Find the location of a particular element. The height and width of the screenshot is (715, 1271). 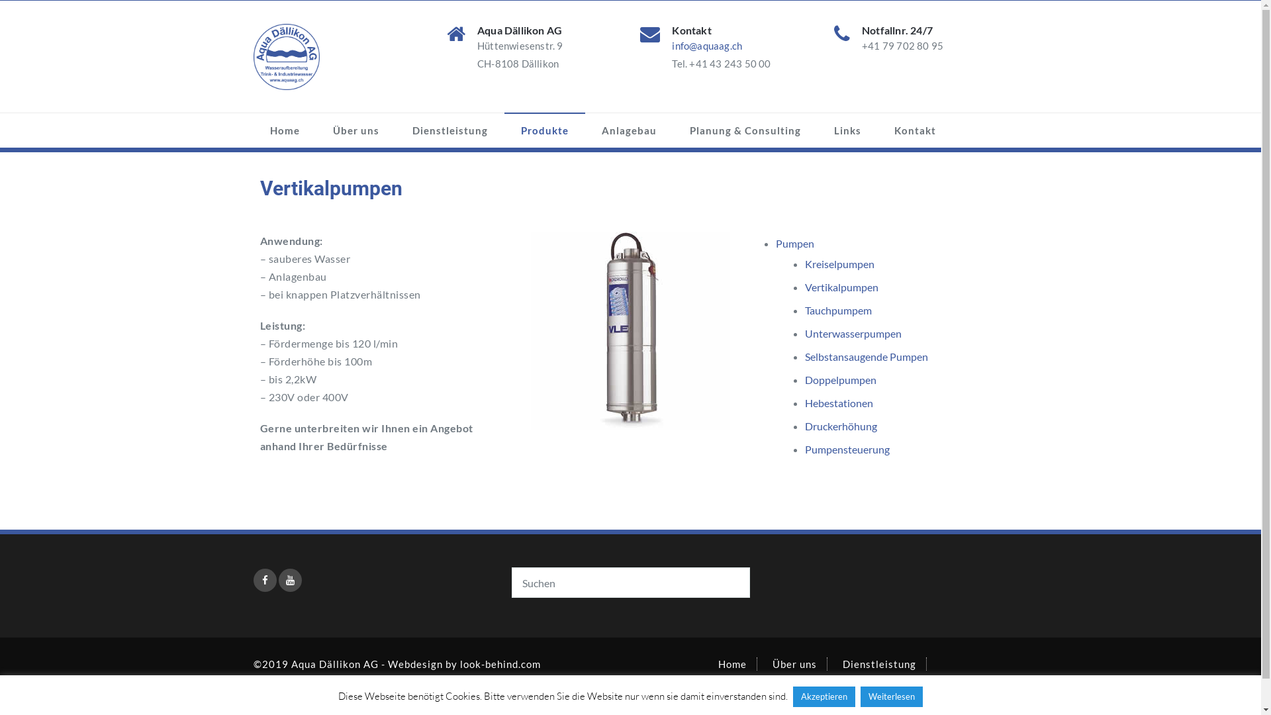

'Weiterlesen' is located at coordinates (892, 696).